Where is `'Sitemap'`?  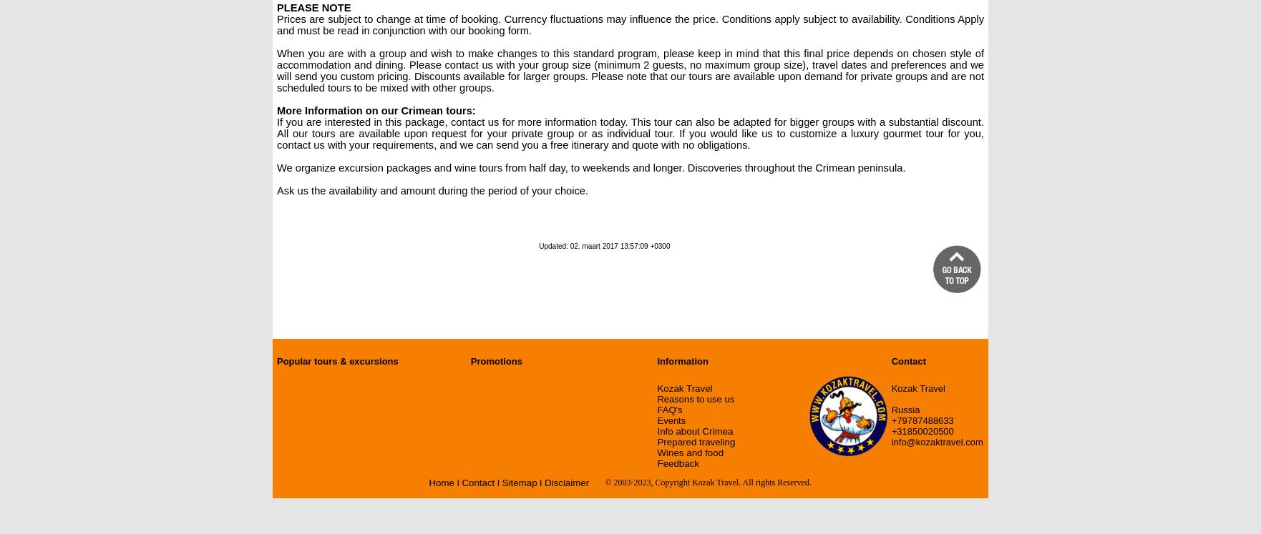
'Sitemap' is located at coordinates (518, 483).